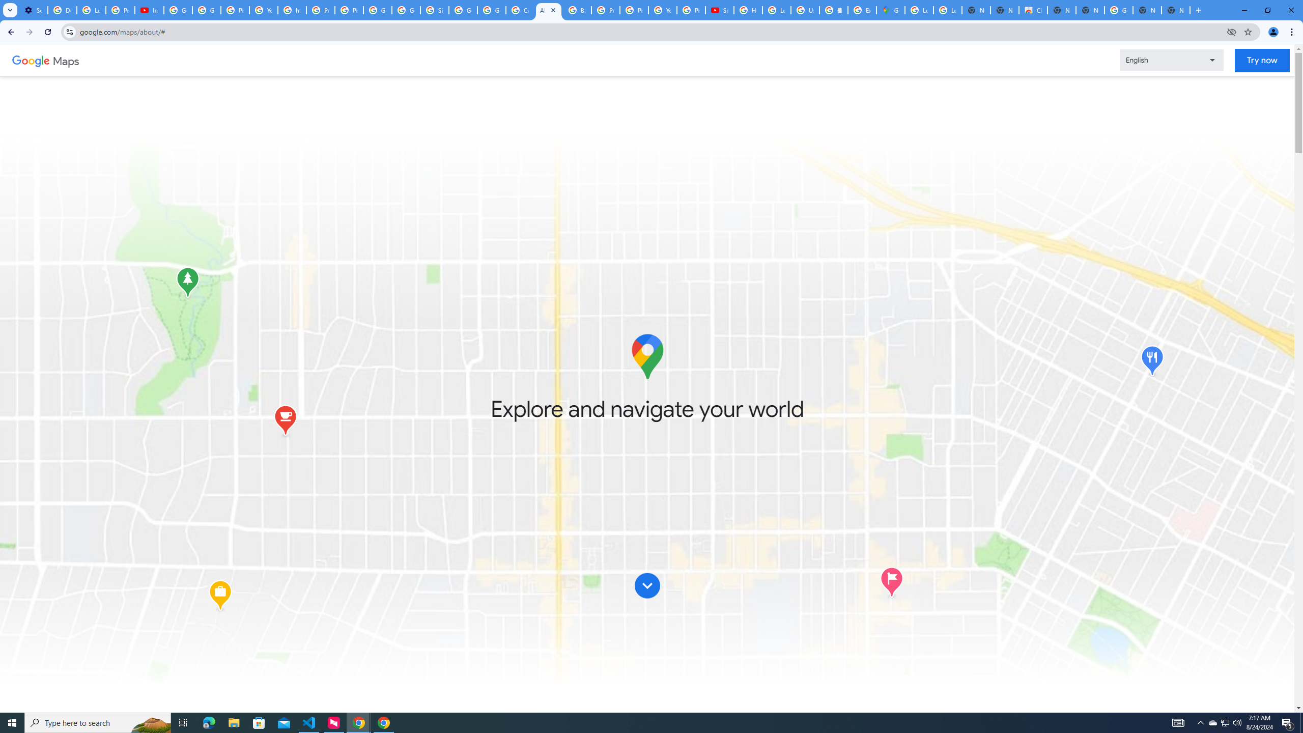 Image resolution: width=1303 pixels, height=733 pixels. What do you see at coordinates (662, 10) in the screenshot?
I see `'YouTube'` at bounding box center [662, 10].